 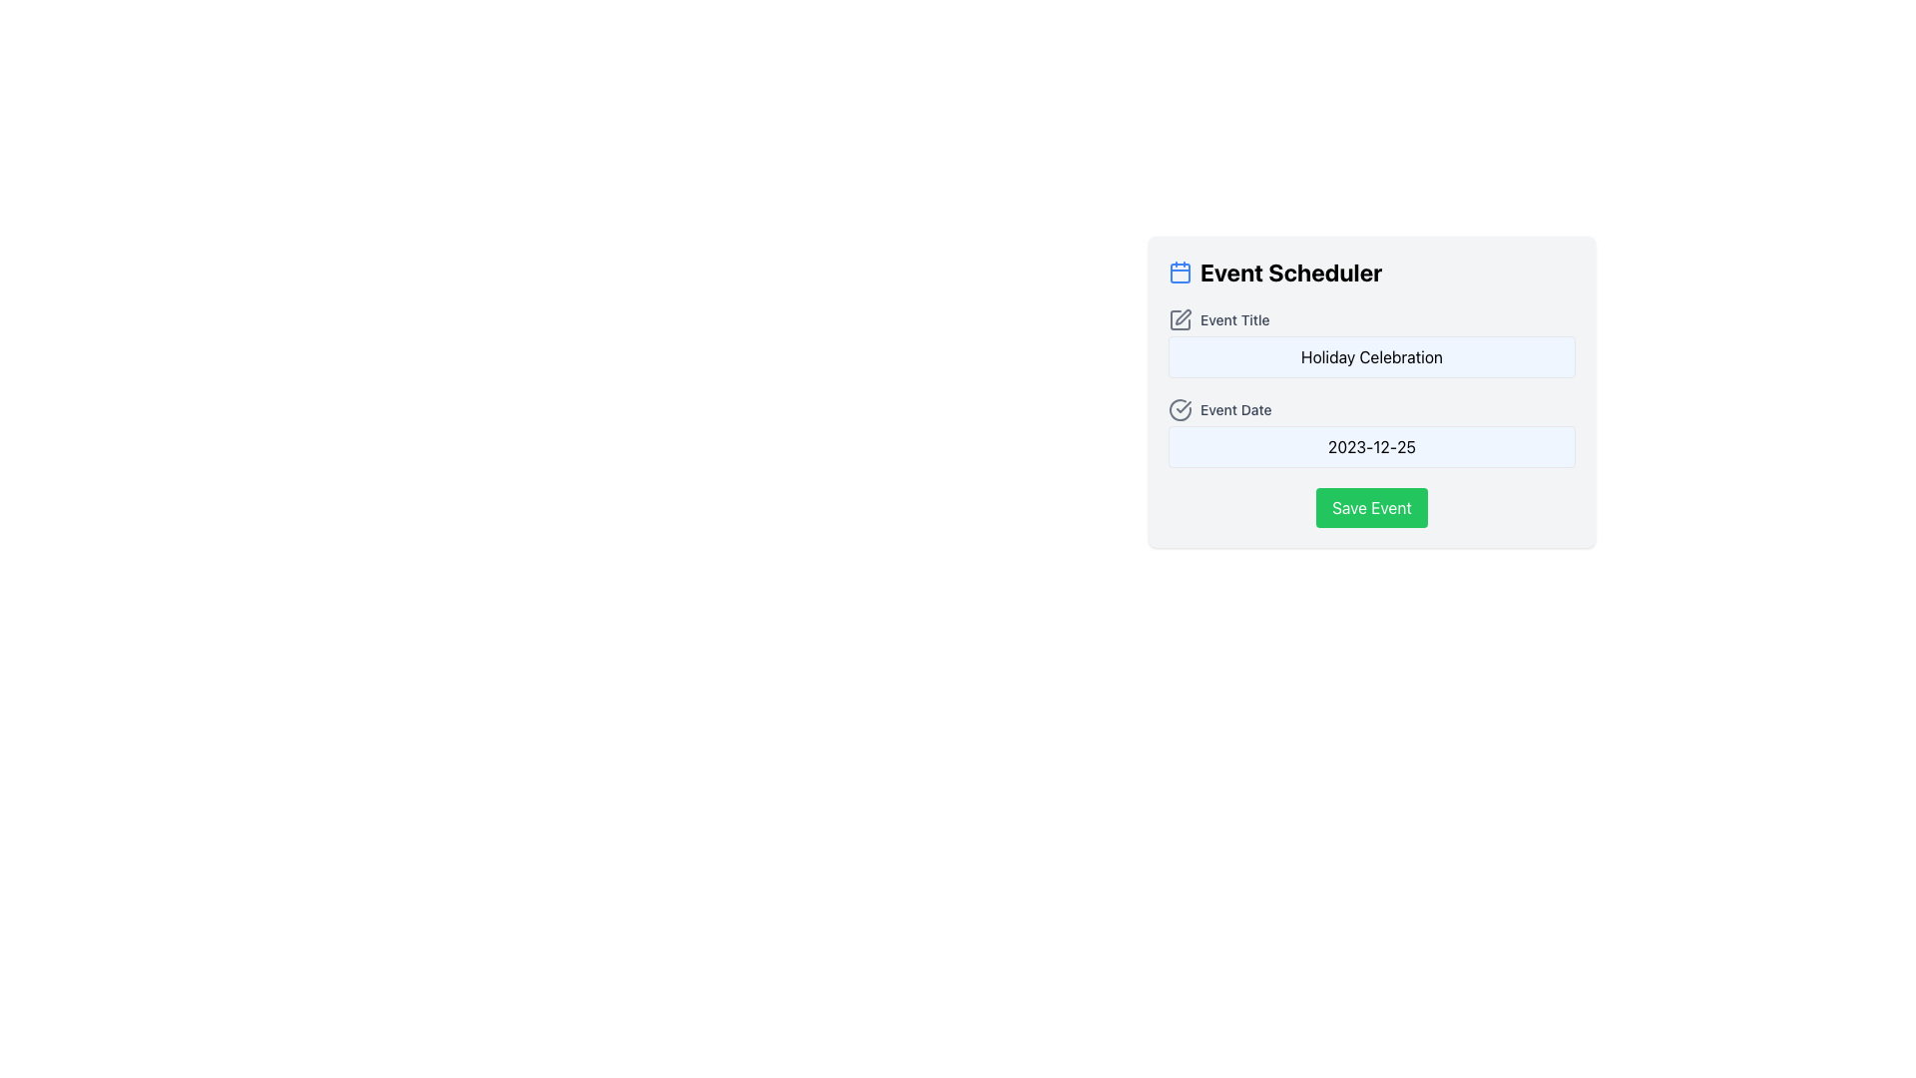 What do you see at coordinates (1180, 318) in the screenshot?
I see `the small square-shaped pencil icon, which is the first icon in the 'Event Title' label area of the event scheduler section, located to the left of the text input box` at bounding box center [1180, 318].